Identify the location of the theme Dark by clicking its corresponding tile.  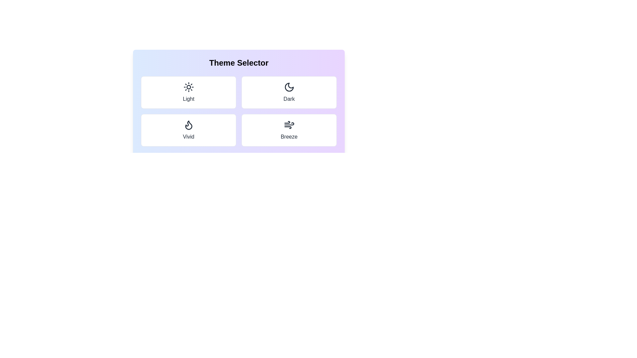
(289, 92).